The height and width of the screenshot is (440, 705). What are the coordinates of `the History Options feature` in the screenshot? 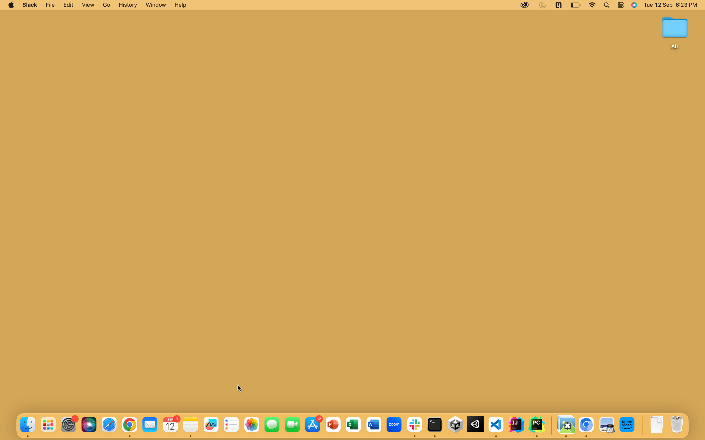 It's located at (127, 5).